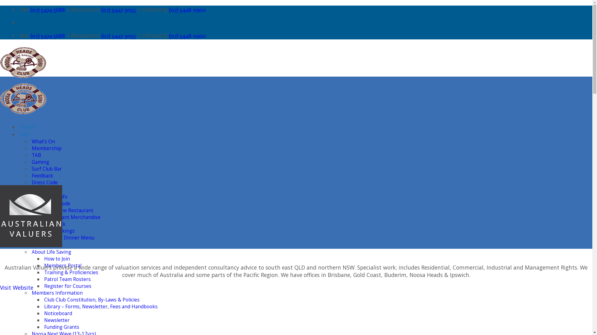 The width and height of the screenshot is (597, 335). What do you see at coordinates (187, 10) in the screenshot?
I see `'(07) 5448 0900'` at bounding box center [187, 10].